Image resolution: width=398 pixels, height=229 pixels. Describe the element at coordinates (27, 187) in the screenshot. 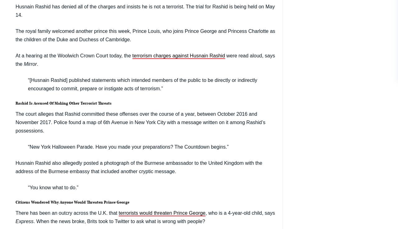

I see `'“You know what to do.”'` at that location.